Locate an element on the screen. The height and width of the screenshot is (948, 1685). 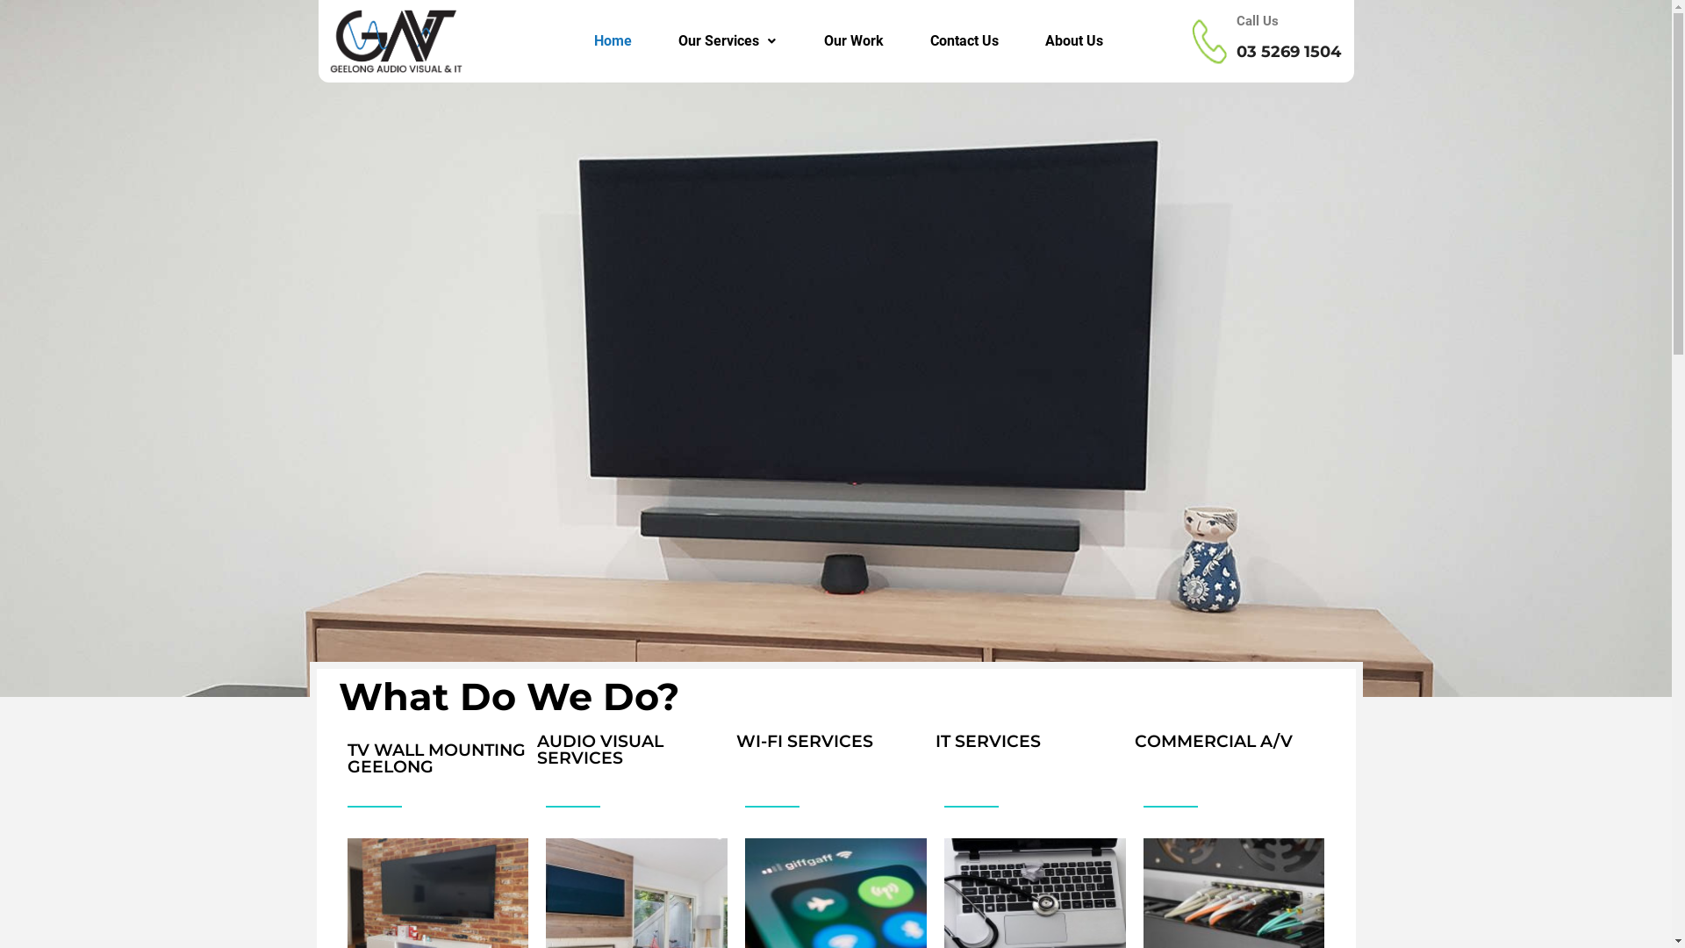
'Our Services' is located at coordinates (728, 39).